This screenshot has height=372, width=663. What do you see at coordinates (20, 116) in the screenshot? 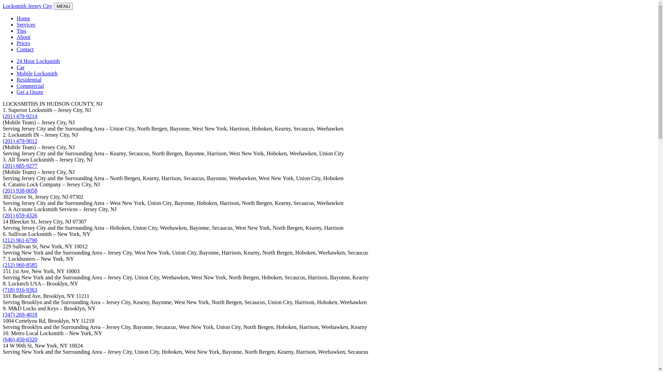
I see `'(201) 479-9214'` at bounding box center [20, 116].